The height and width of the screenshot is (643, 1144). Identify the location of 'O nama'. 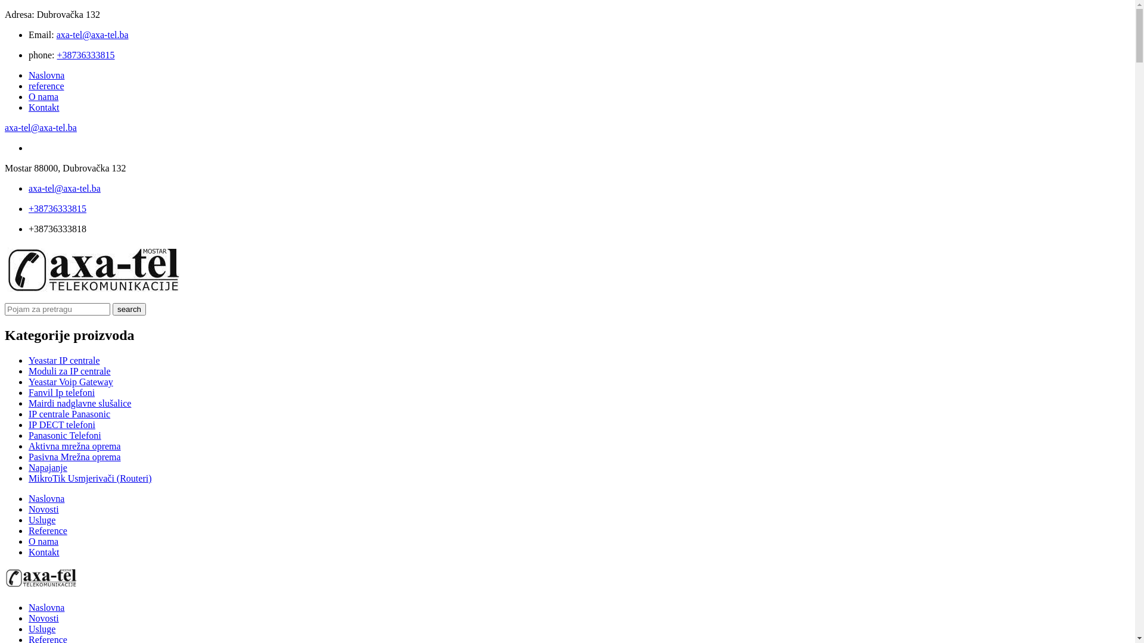
(29, 541).